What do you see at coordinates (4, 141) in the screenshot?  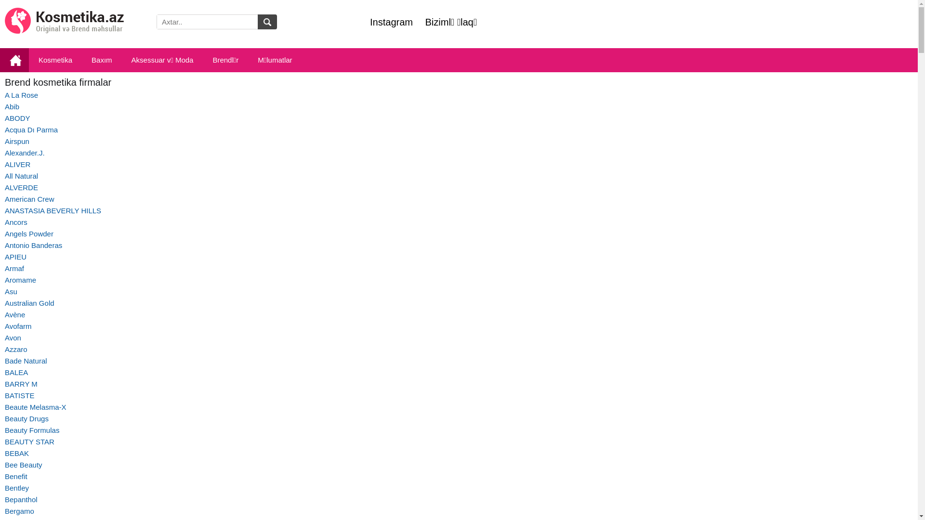 I see `'Airspun'` at bounding box center [4, 141].